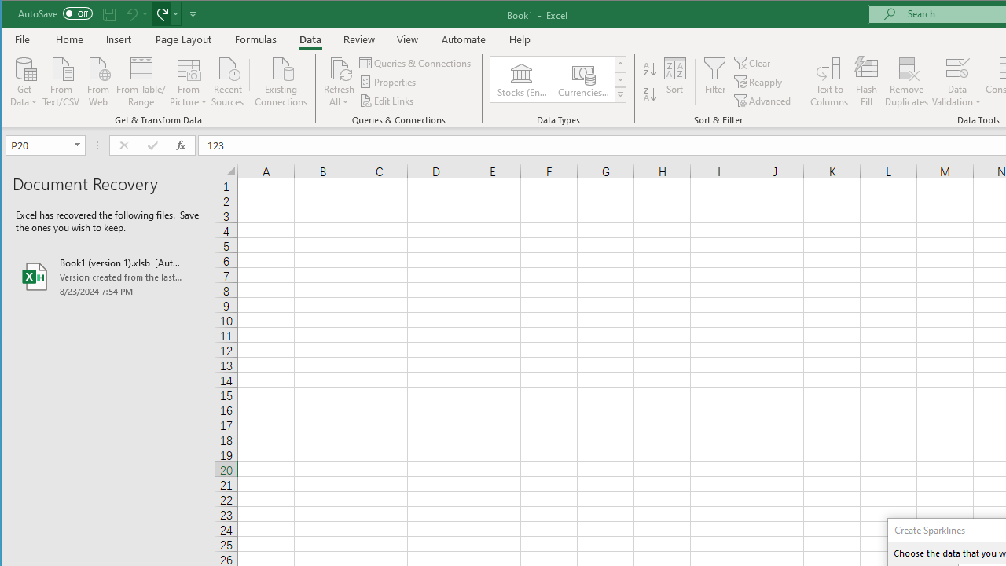 The width and height of the screenshot is (1006, 566). Describe the element at coordinates (619, 63) in the screenshot. I see `'Row up'` at that location.